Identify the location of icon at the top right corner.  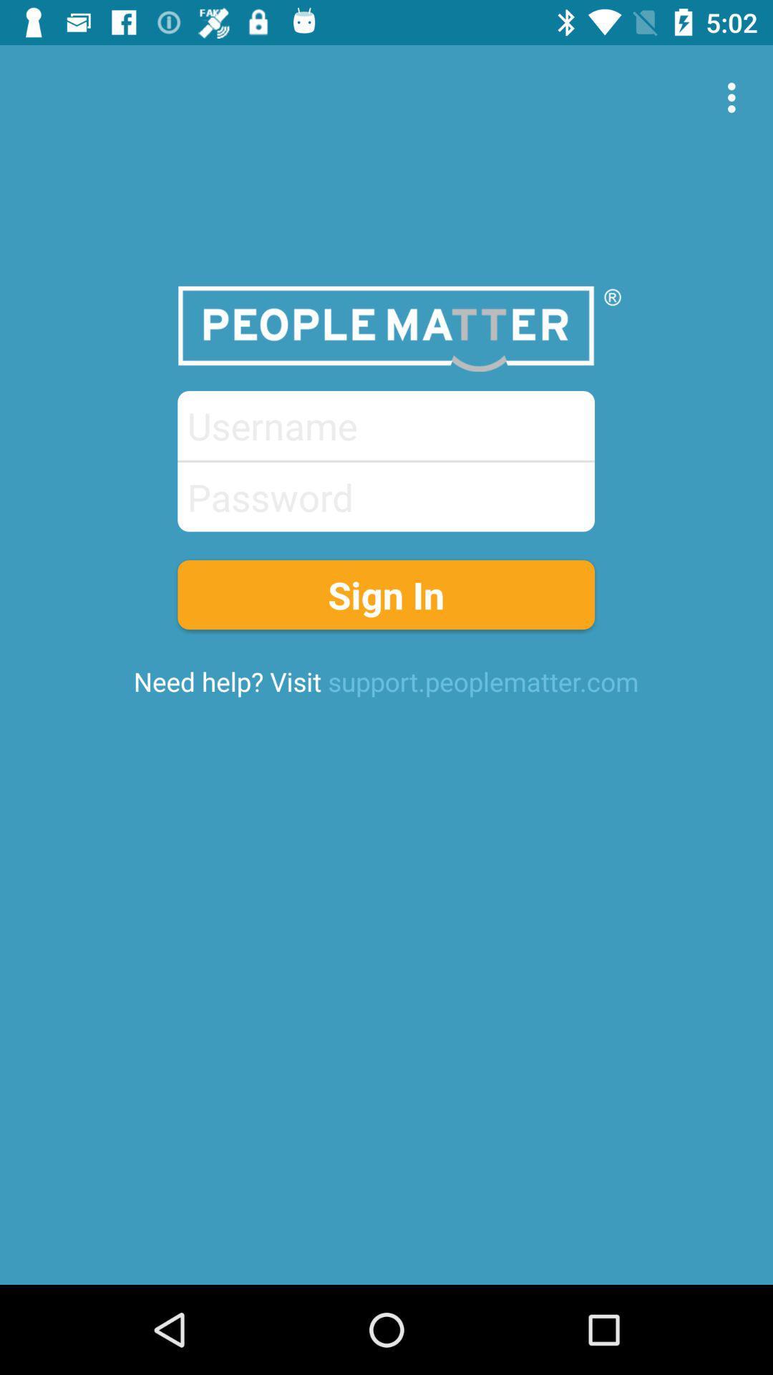
(735, 97).